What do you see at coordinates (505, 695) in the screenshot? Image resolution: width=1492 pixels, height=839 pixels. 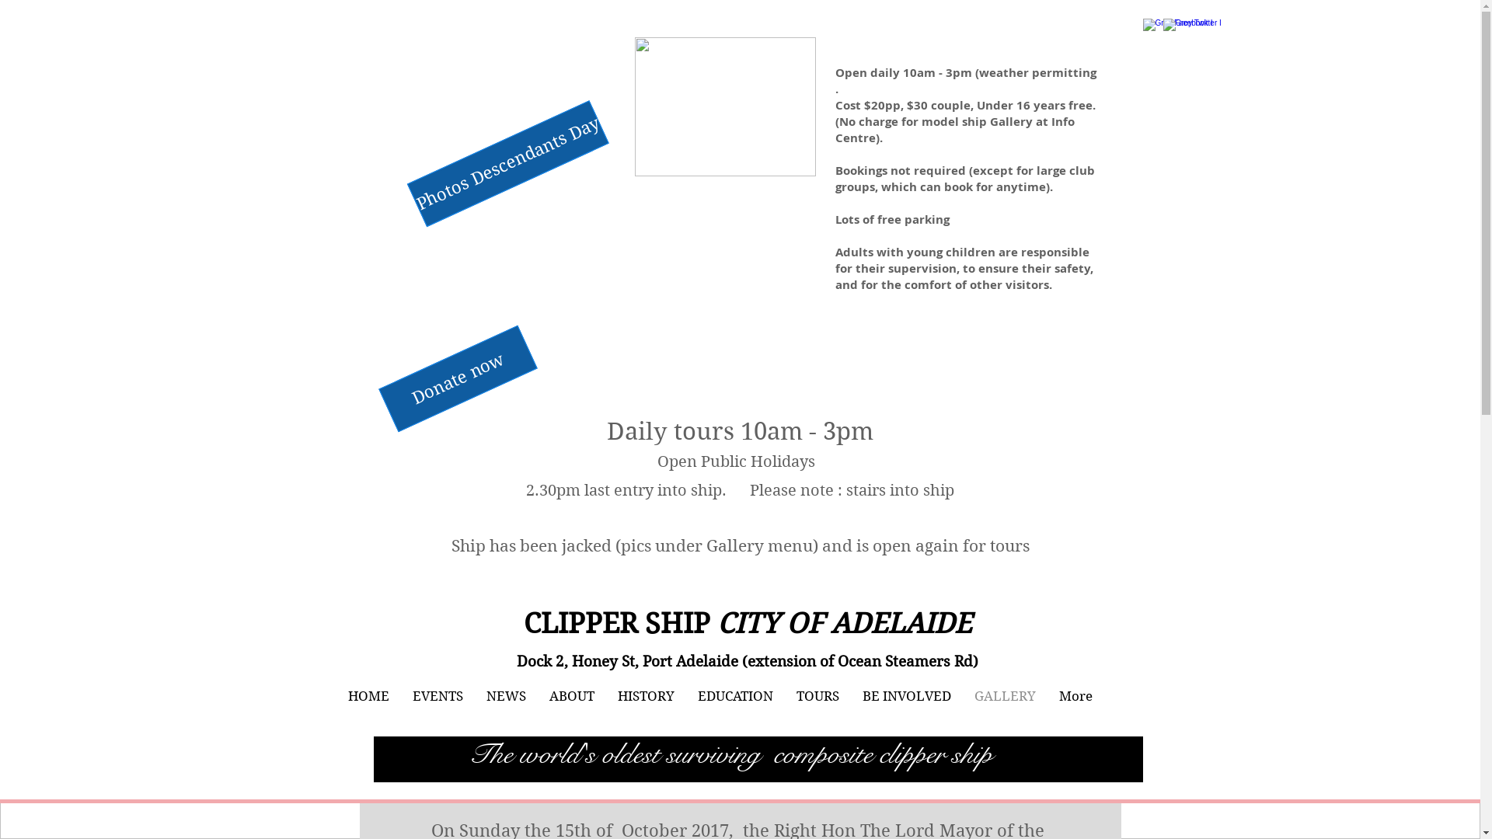 I see `'NEWS'` at bounding box center [505, 695].